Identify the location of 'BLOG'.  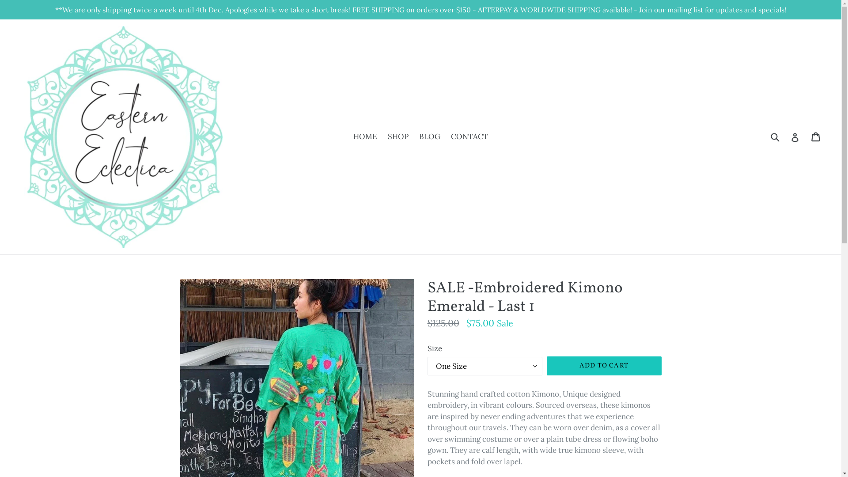
(414, 136).